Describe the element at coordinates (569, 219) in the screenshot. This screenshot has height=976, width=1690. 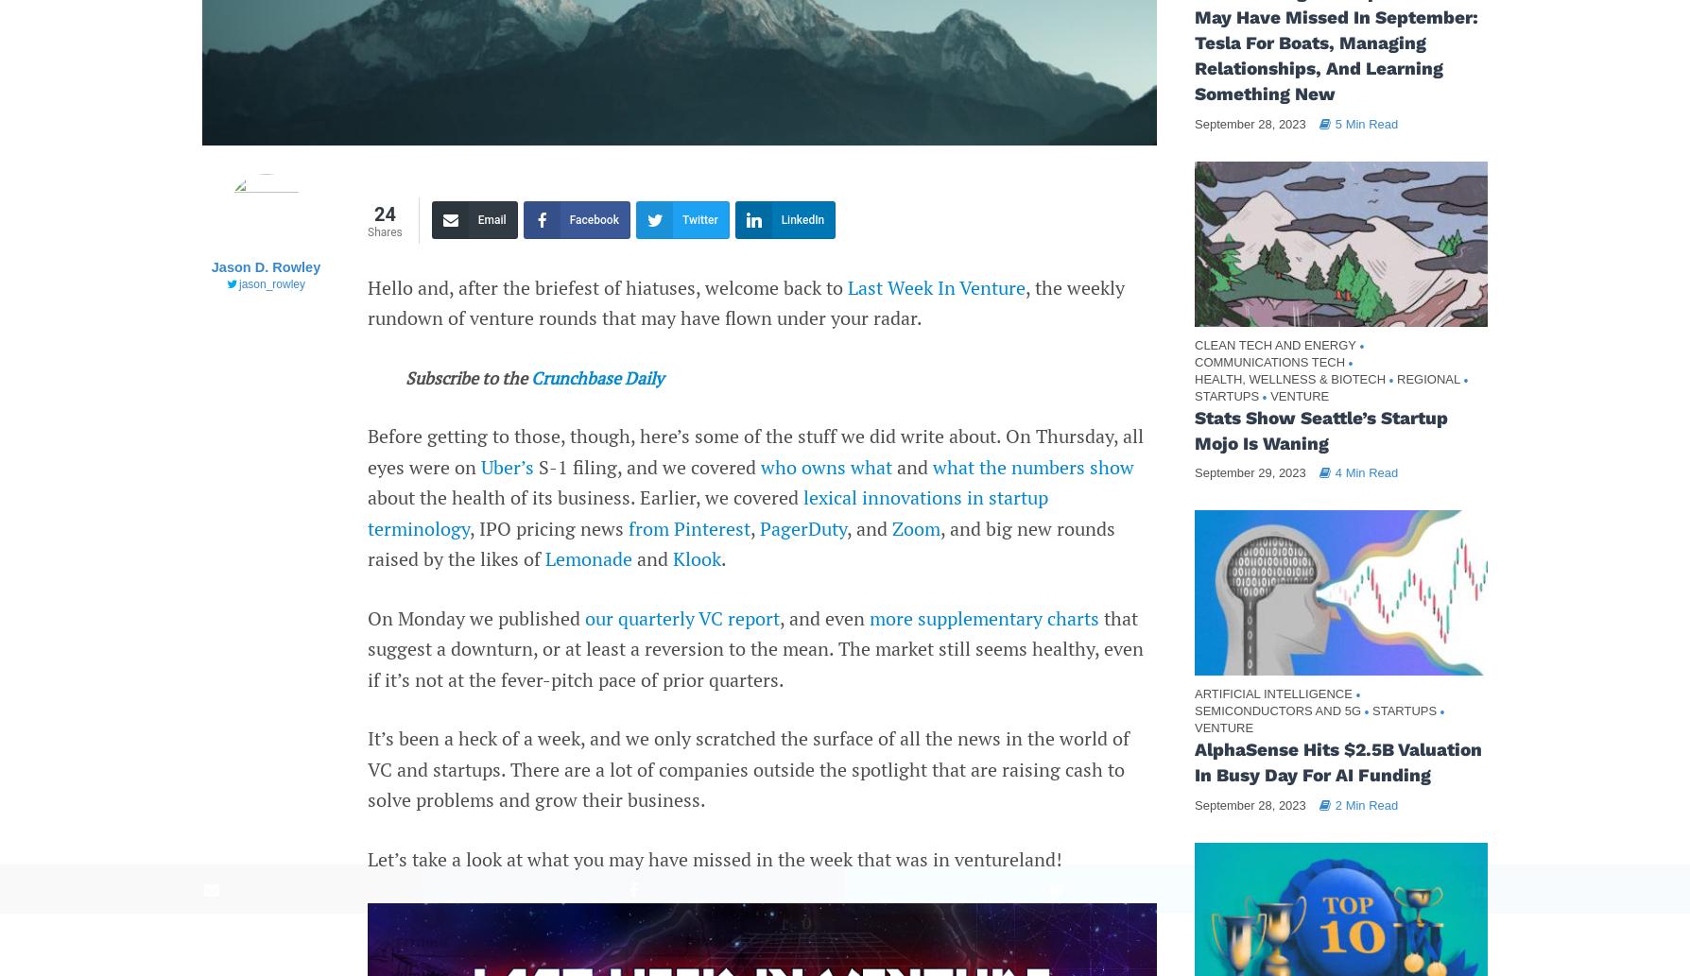
I see `'Facebook'` at that location.